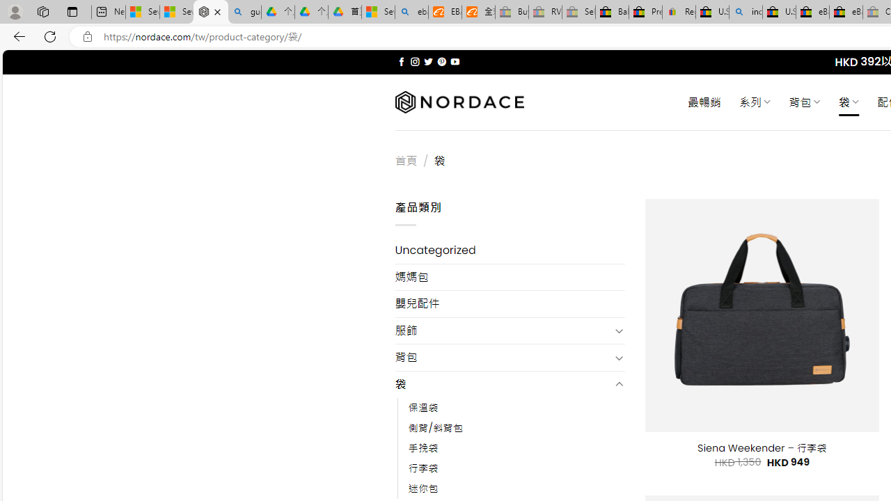 Image resolution: width=891 pixels, height=501 pixels. What do you see at coordinates (511, 12) in the screenshot?
I see `'Buy Auto Parts & Accessories | eBay - Sleeping'` at bounding box center [511, 12].